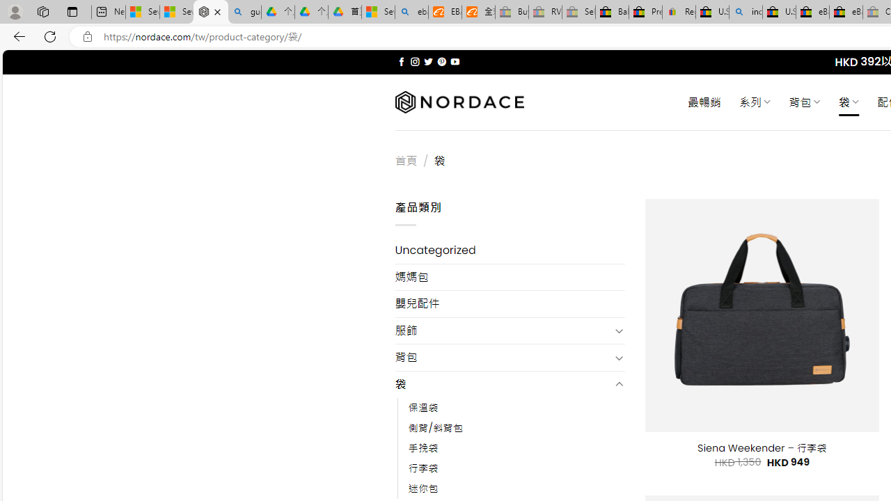 Image resolution: width=891 pixels, height=501 pixels. What do you see at coordinates (511, 12) in the screenshot?
I see `'Buy Auto Parts & Accessories | eBay - Sleeping'` at bounding box center [511, 12].